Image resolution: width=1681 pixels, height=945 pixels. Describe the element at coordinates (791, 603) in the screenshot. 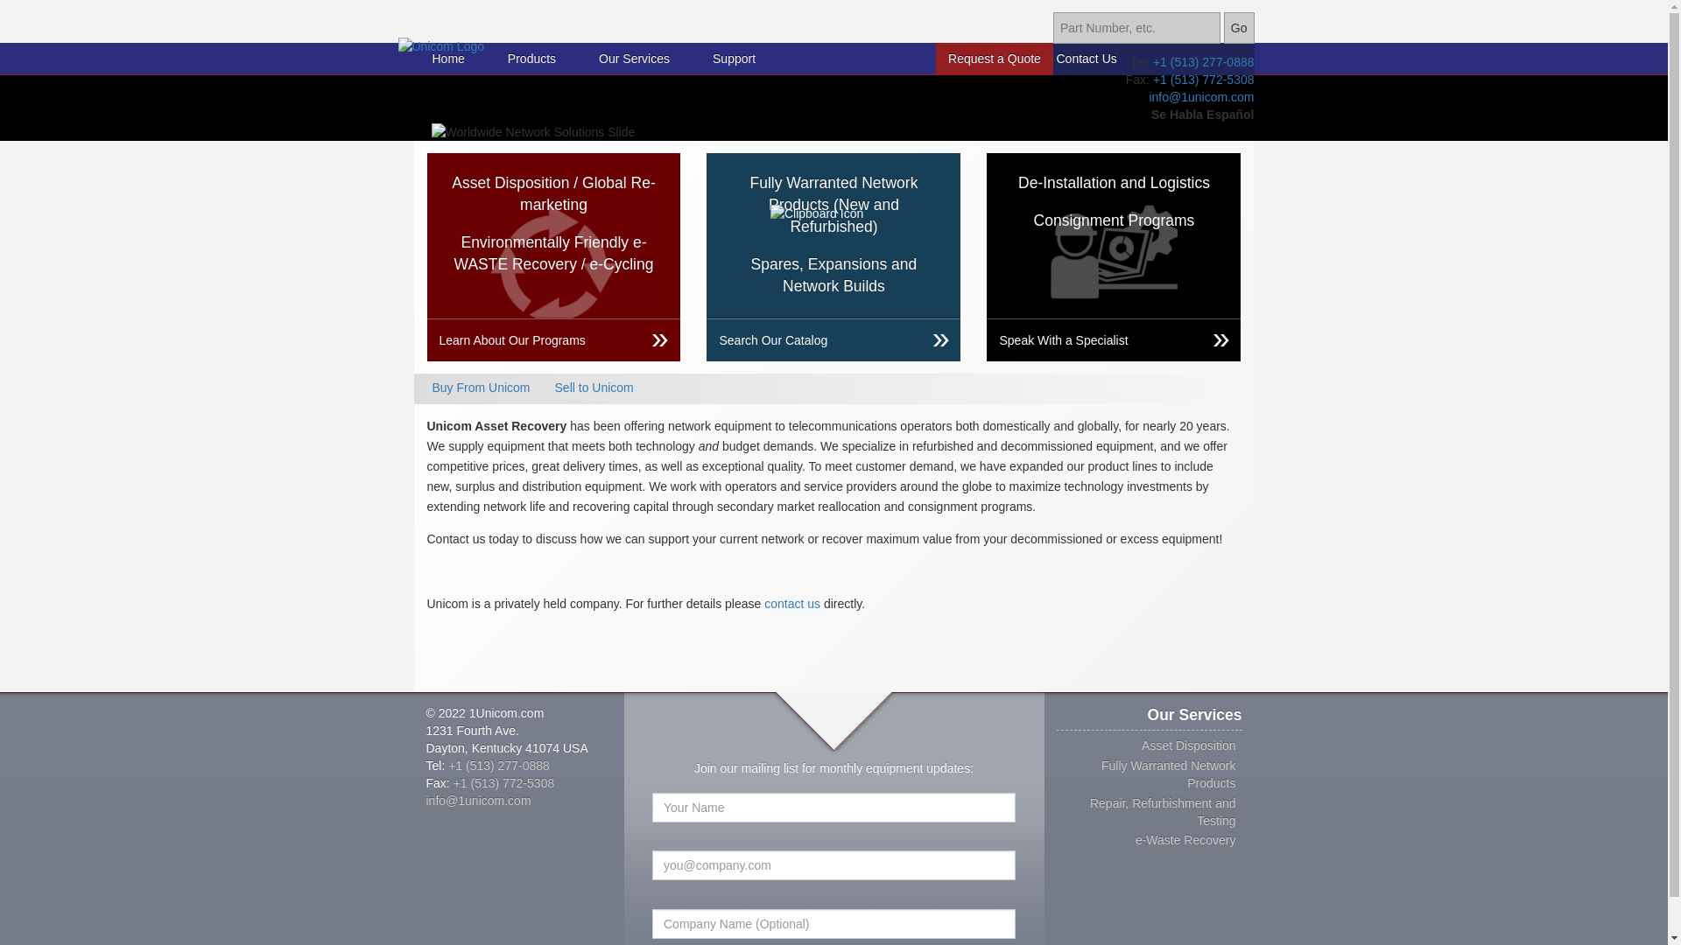

I see `'contact us'` at that location.